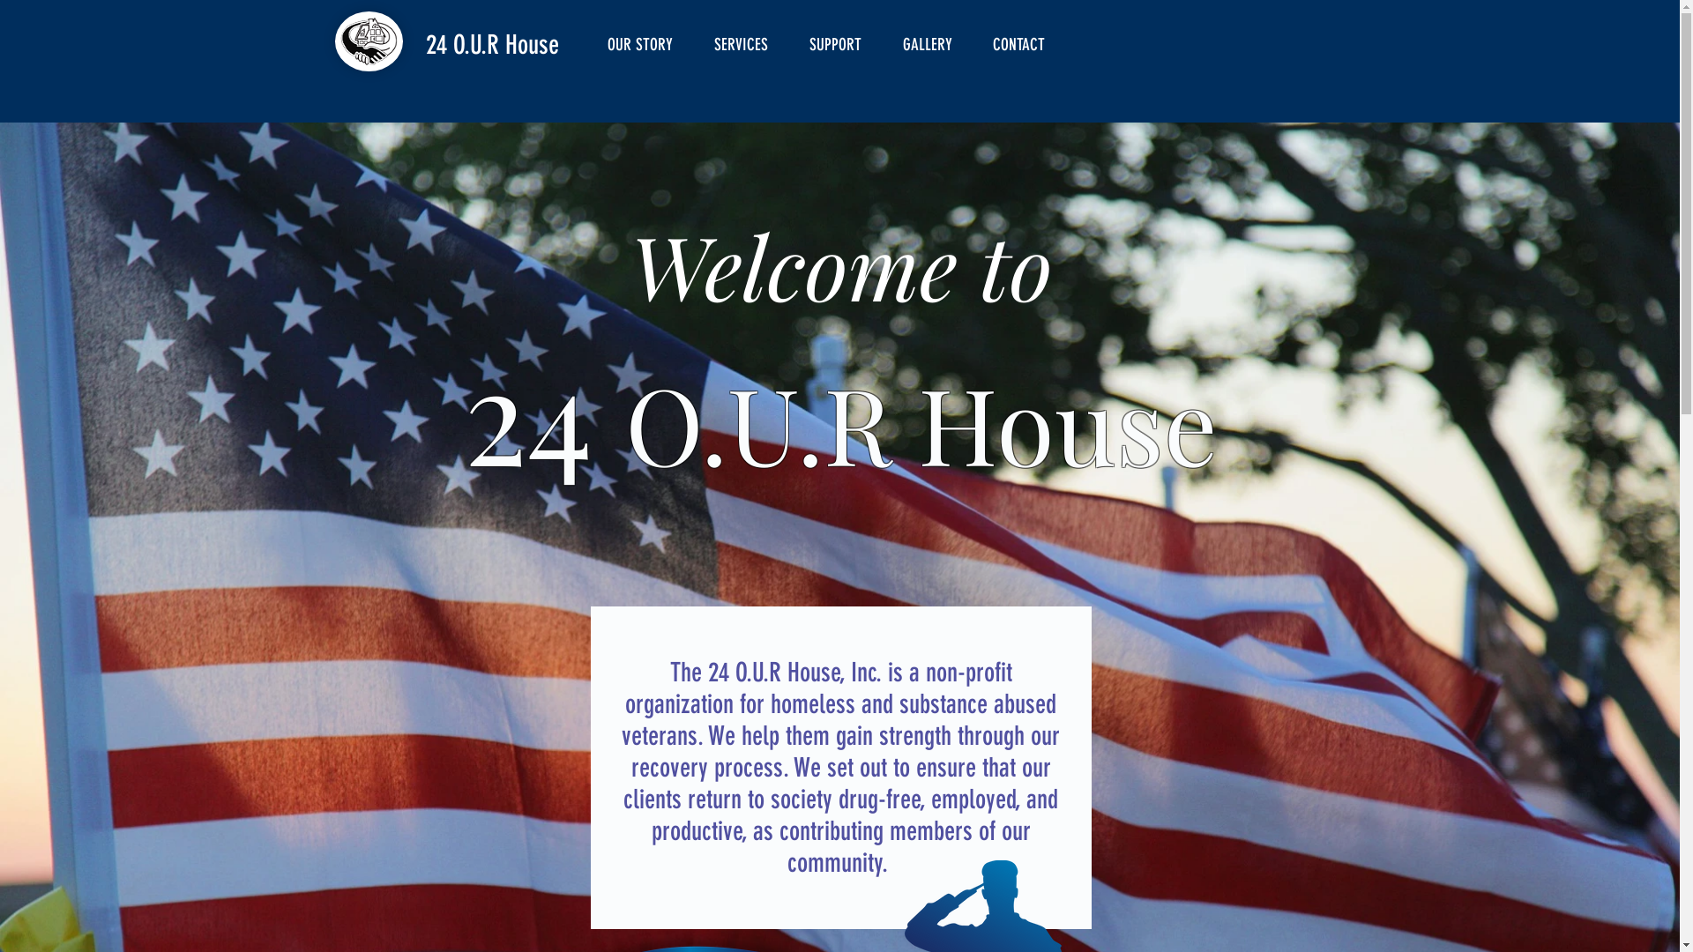  What do you see at coordinates (368, 40) in the screenshot?
I see `'LOGO 3.png'` at bounding box center [368, 40].